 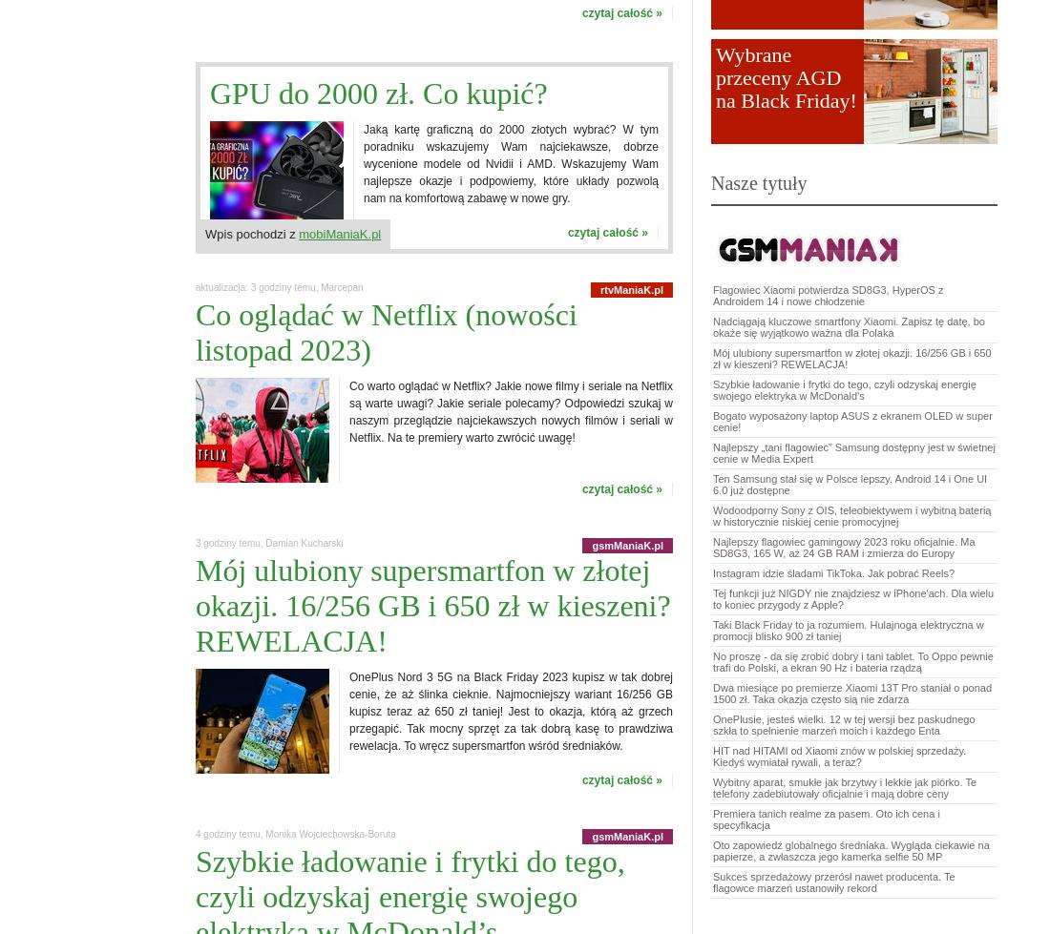 I want to click on 'Wodoodporny Sony z OIS, teleobiektywem i wybitną baterią w historycznie niskiej cenie promocyjnej', so click(x=712, y=514).